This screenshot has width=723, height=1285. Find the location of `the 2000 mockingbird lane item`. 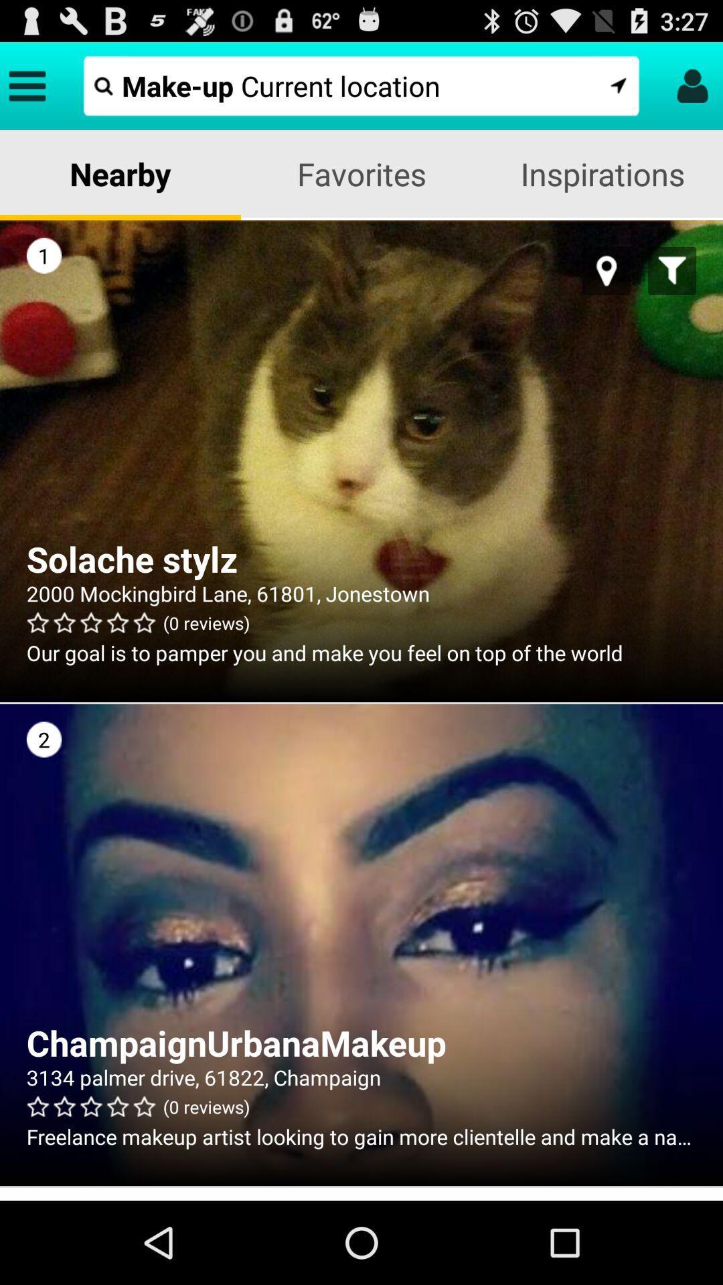

the 2000 mockingbird lane item is located at coordinates (361, 592).